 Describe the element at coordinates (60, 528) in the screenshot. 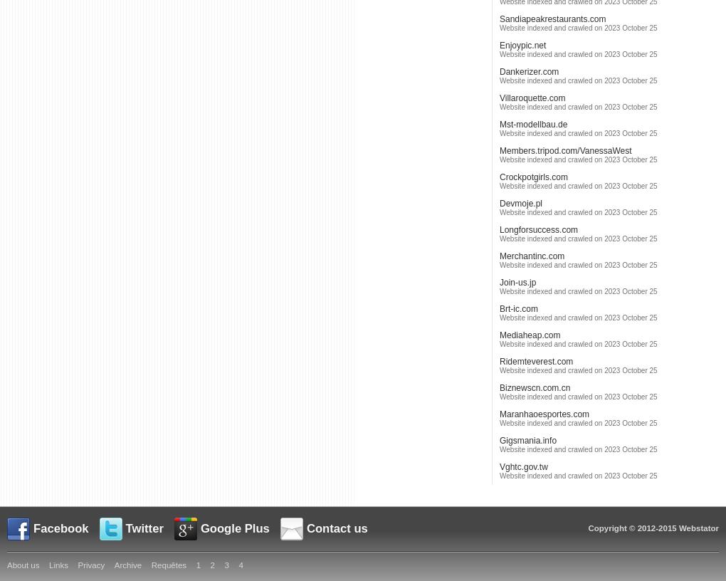

I see `'Facebook'` at that location.